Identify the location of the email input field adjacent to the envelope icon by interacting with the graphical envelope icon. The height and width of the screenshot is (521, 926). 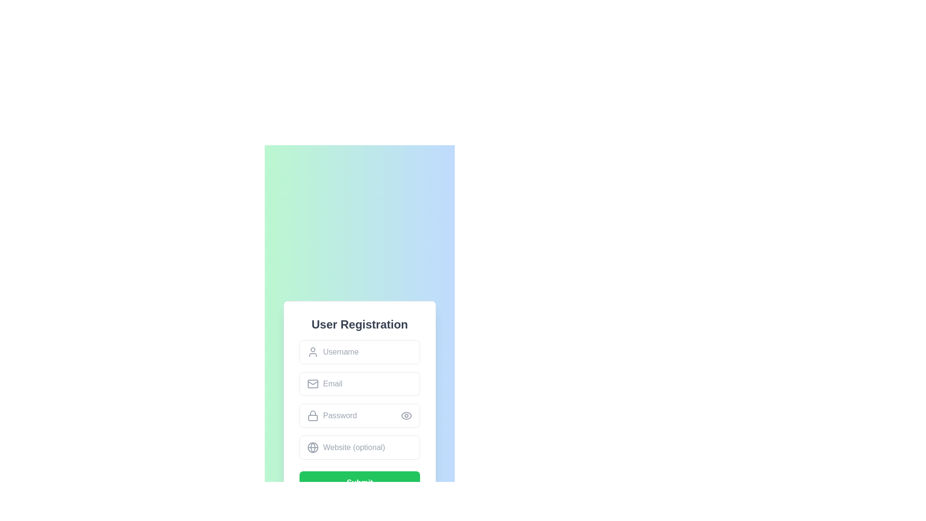
(313, 382).